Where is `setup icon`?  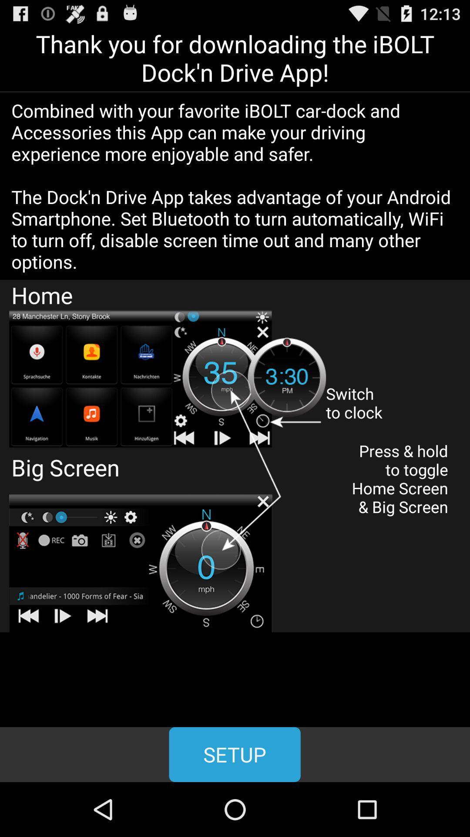
setup icon is located at coordinates (234, 754).